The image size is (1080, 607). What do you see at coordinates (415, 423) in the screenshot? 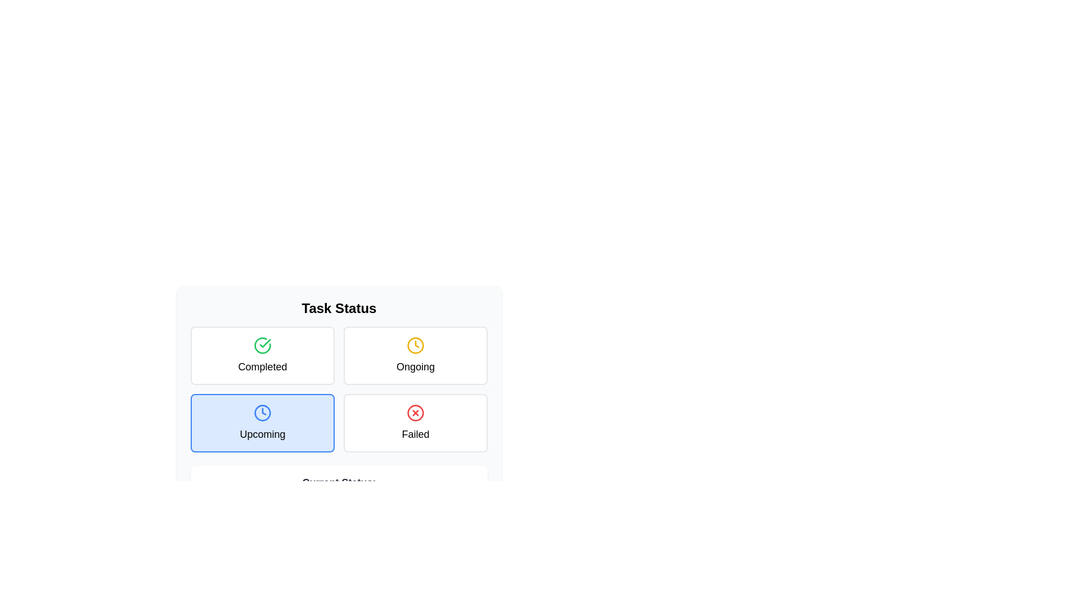
I see `the task status to Failed` at bounding box center [415, 423].